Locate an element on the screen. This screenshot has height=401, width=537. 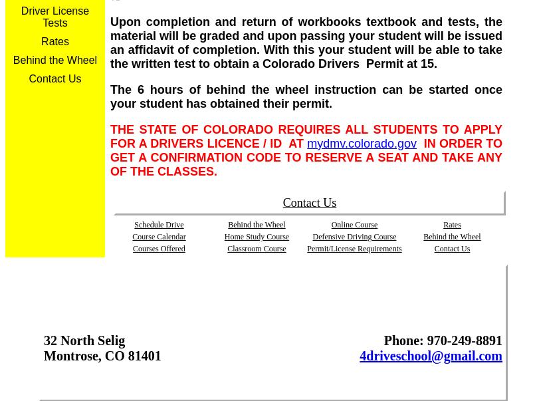
'THE STATE OF COLORADO 
	REQUIRES ALL STUDENTS TO APPLY FOR A DRIVERS LICENCE / ID  AT' is located at coordinates (306, 136).